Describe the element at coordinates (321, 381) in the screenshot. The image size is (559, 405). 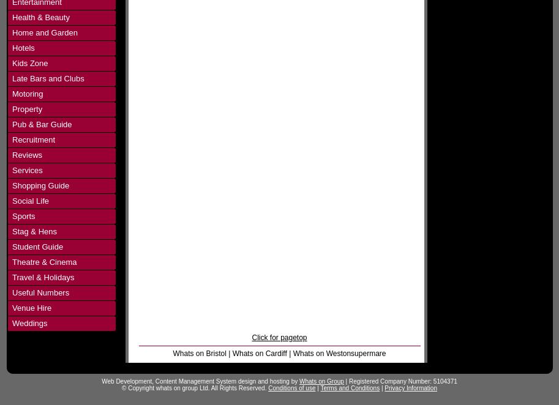
I see `'Whats on Group'` at that location.